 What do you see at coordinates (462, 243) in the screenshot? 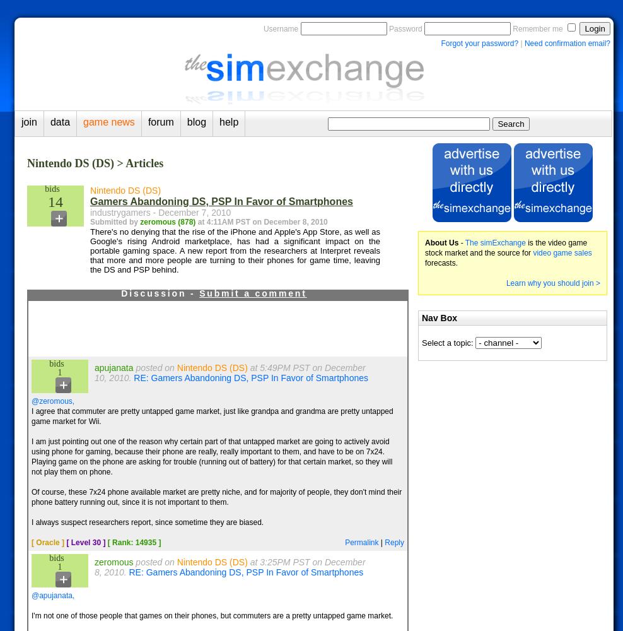
I see `'-'` at bounding box center [462, 243].